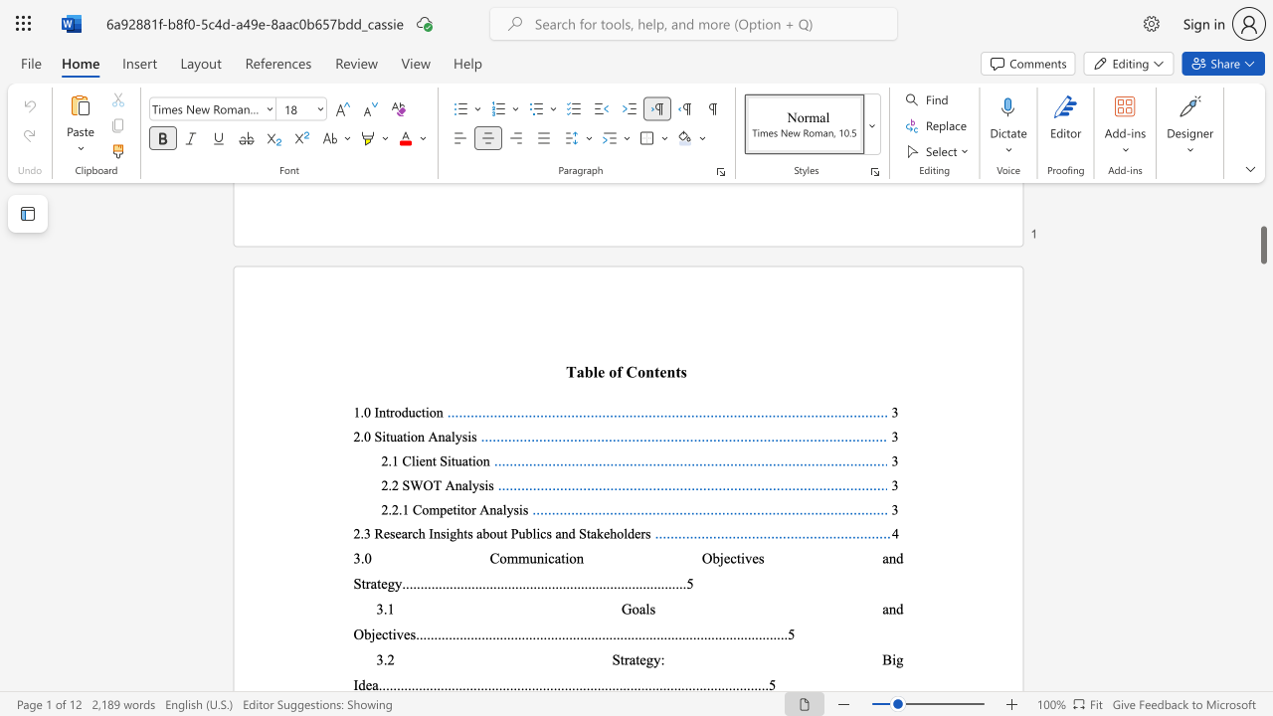 Image resolution: width=1273 pixels, height=716 pixels. I want to click on the 1th character "i" in the text, so click(384, 436).